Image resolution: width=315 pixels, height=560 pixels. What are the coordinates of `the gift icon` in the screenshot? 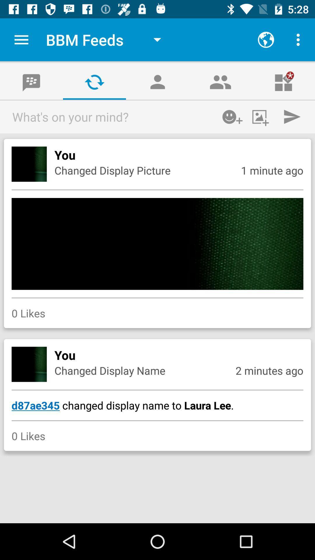 It's located at (283, 82).